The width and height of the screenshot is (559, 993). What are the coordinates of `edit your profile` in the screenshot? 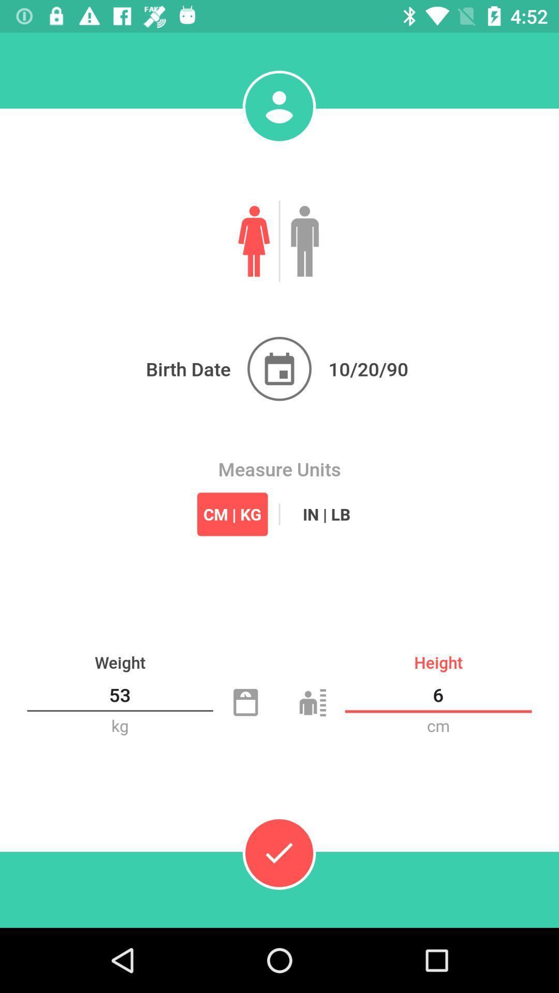 It's located at (278, 107).